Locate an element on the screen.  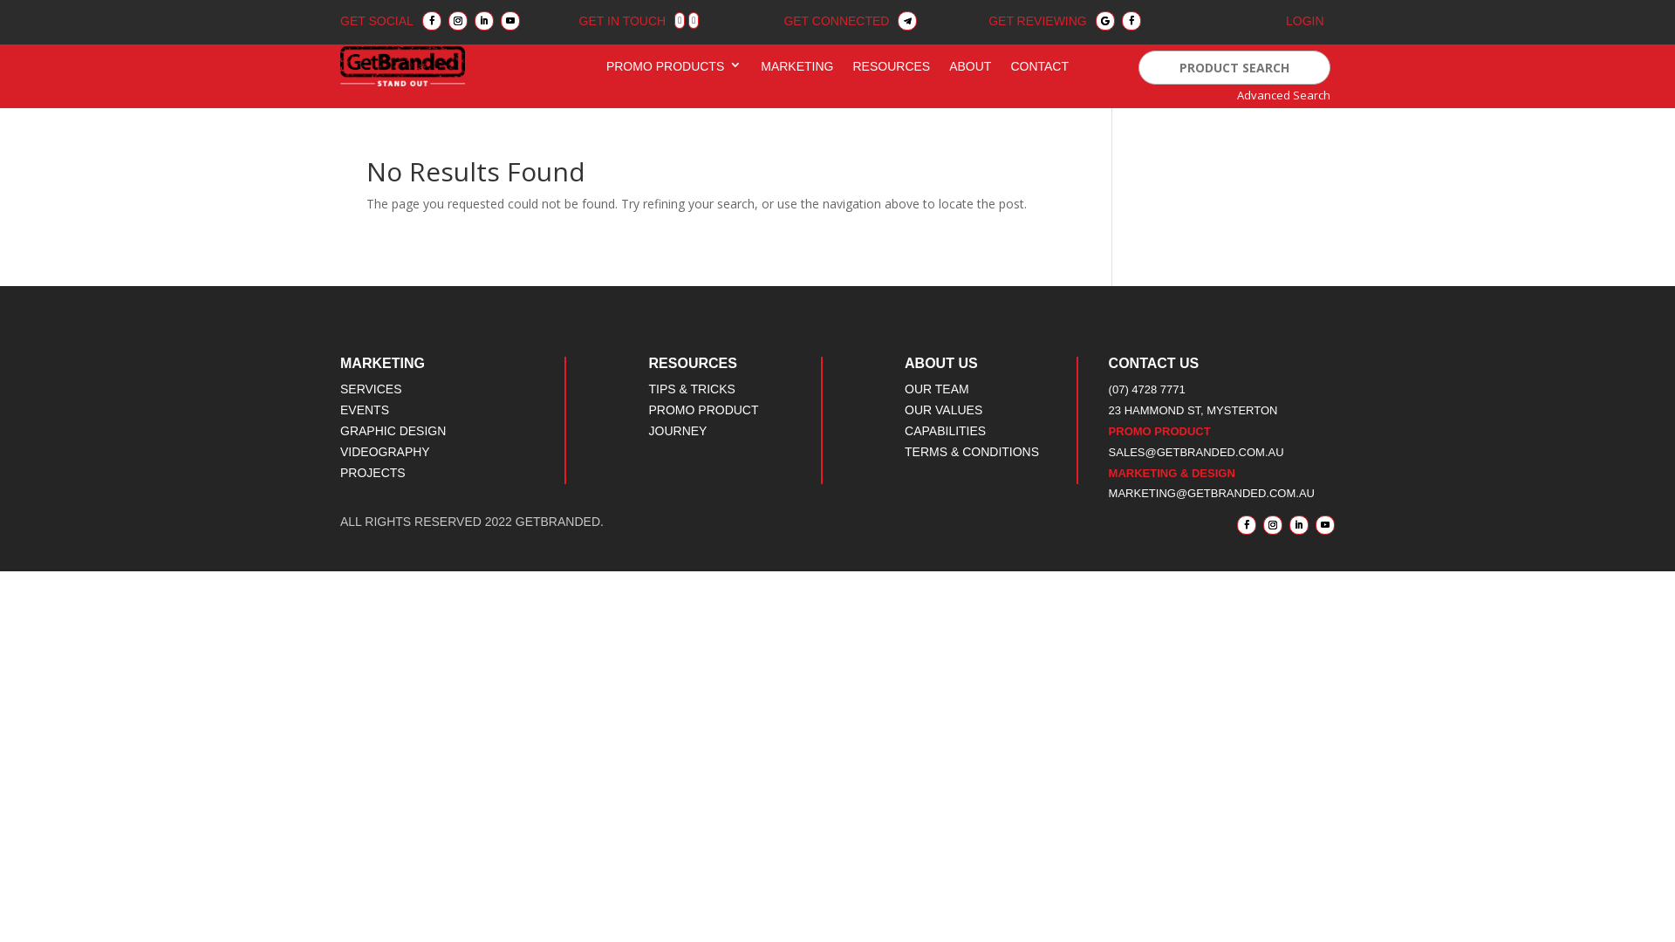
'Advanced Search' is located at coordinates (1283, 94).